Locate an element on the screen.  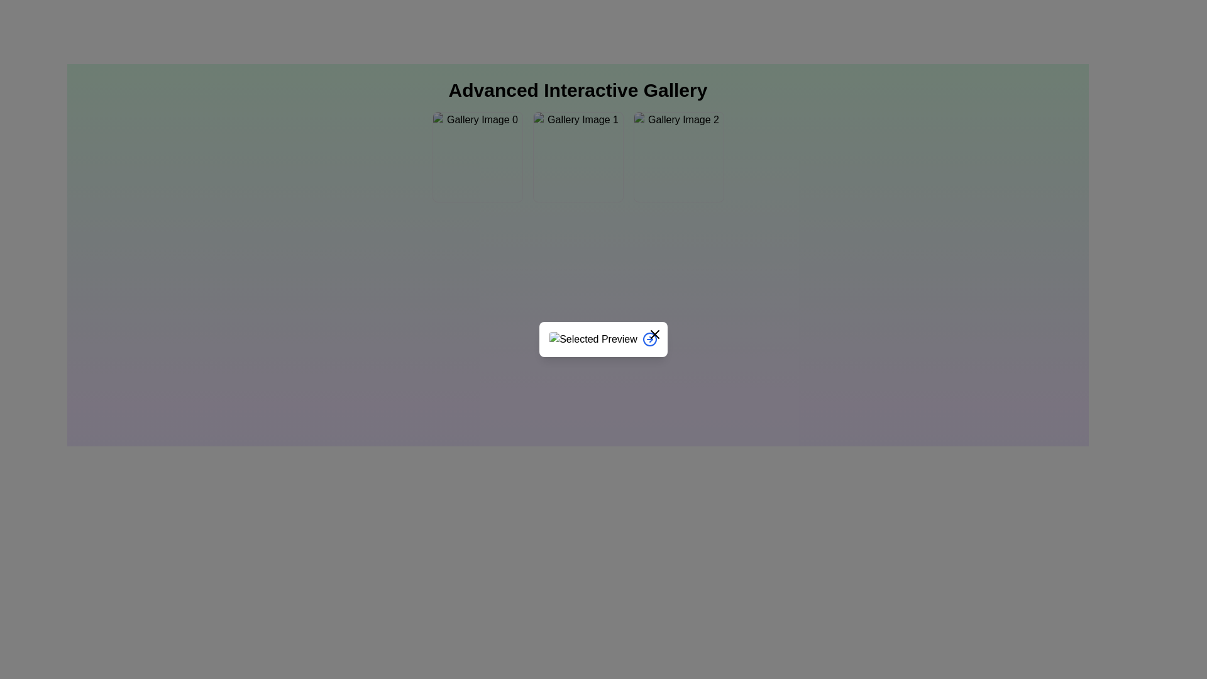
the thumbnail image labeled 'Gallery Image 1' to enlarge the image is located at coordinates (577, 157).